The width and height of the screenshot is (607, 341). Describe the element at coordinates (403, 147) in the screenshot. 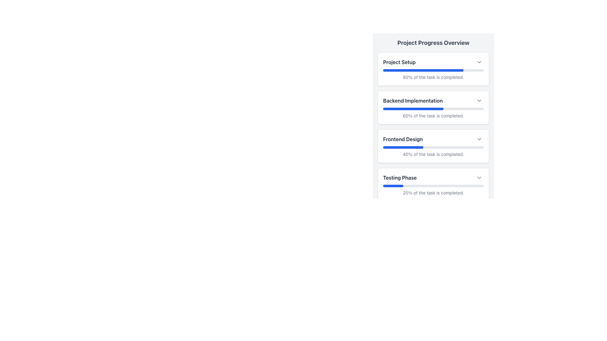

I see `the completion status of the progress indicator representing 40% completion for the 'Frontend Design' task located in the third progress bar of the 'Project Progress Overview' section` at that location.